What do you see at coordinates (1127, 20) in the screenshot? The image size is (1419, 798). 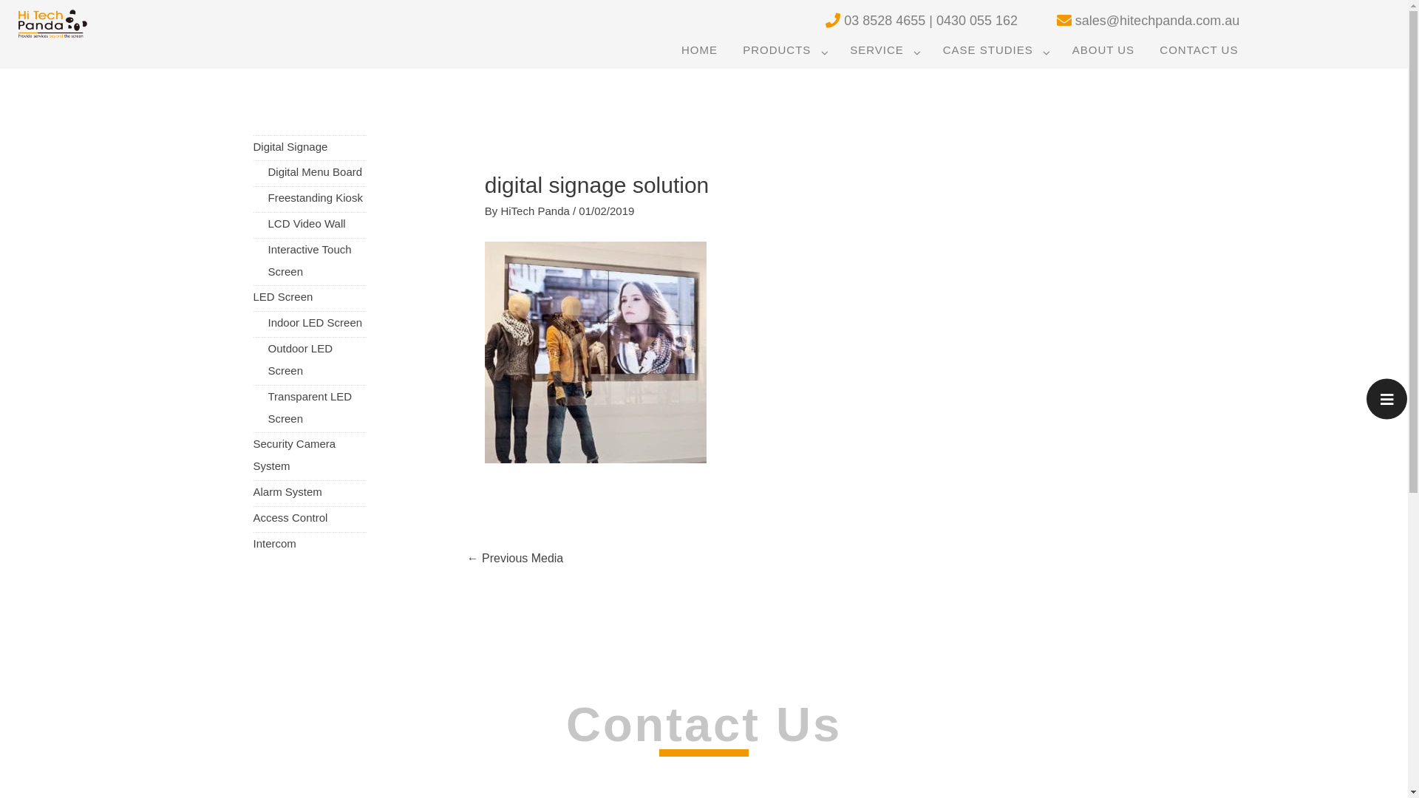 I see `'sales@hitechpanda.com.au'` at bounding box center [1127, 20].